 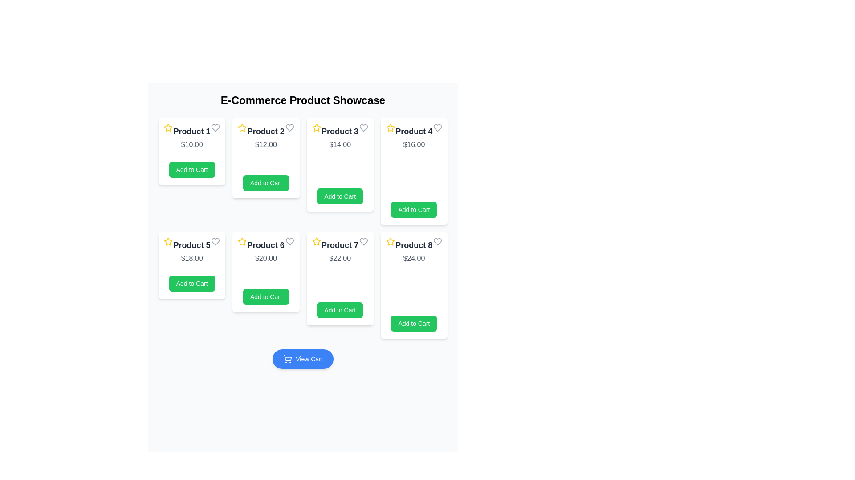 What do you see at coordinates (265, 245) in the screenshot?
I see `the text label displaying 'Product 6', which is styled in bold dark gray font and located in the product card in the center row, second column of the grid` at bounding box center [265, 245].